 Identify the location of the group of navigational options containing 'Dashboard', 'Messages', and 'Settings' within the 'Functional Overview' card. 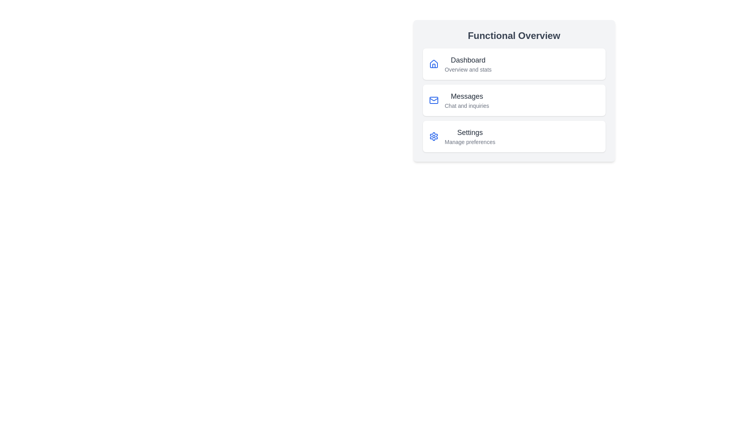
(514, 100).